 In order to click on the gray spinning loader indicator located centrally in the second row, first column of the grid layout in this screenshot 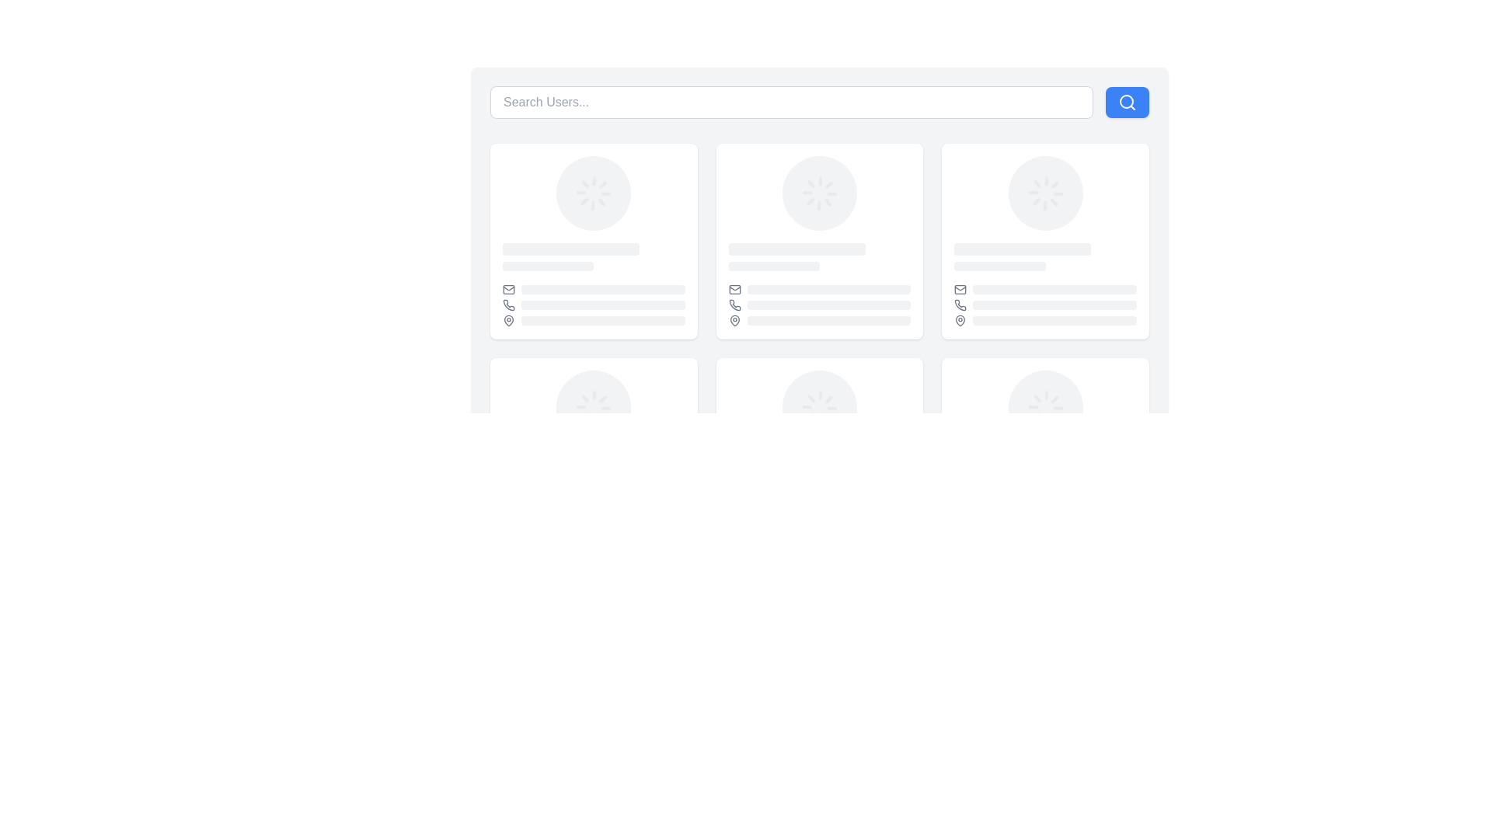, I will do `click(593, 406)`.